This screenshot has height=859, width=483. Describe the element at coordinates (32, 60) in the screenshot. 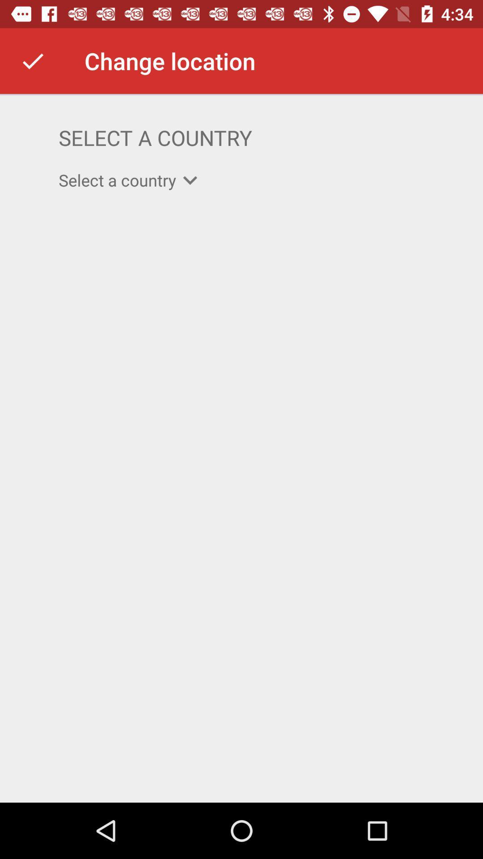

I see `the item next to the change location item` at that location.